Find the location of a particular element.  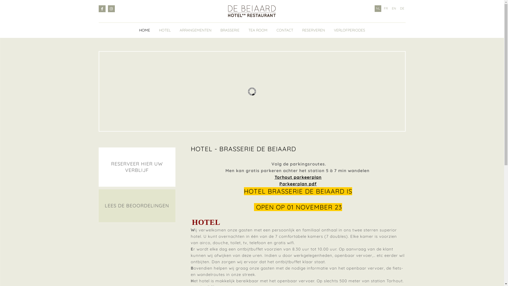

'HOTEL' is located at coordinates (164, 30).